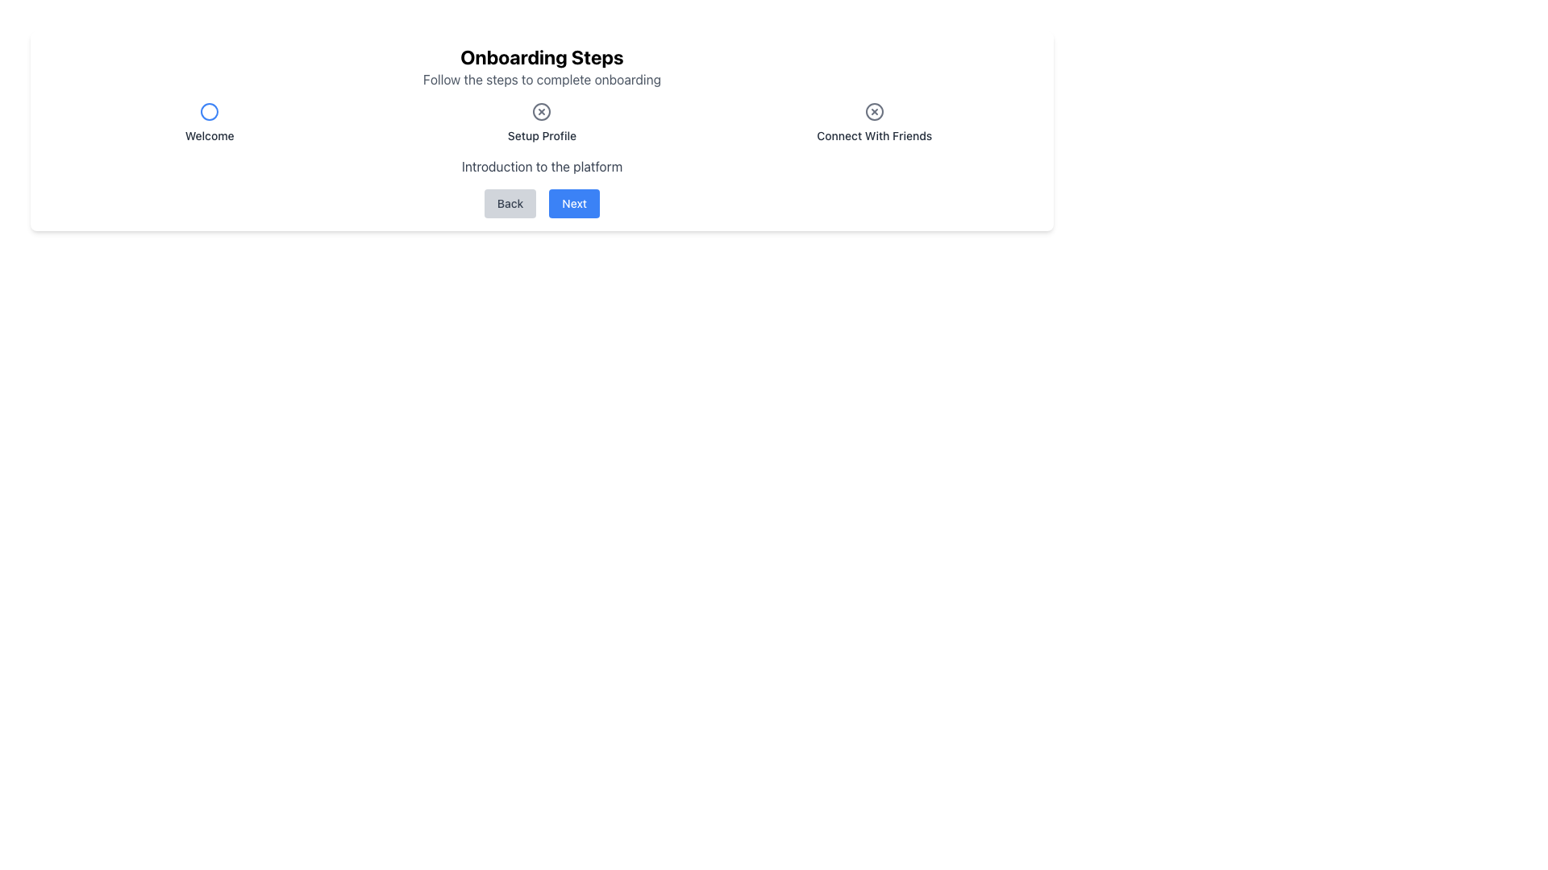 This screenshot has height=870, width=1548. Describe the element at coordinates (542, 80) in the screenshot. I see `the text element that reads 'Follow the steps to complete onboarding', which is styled in gray and located directly below the heading 'Onboarding Steps'` at that location.